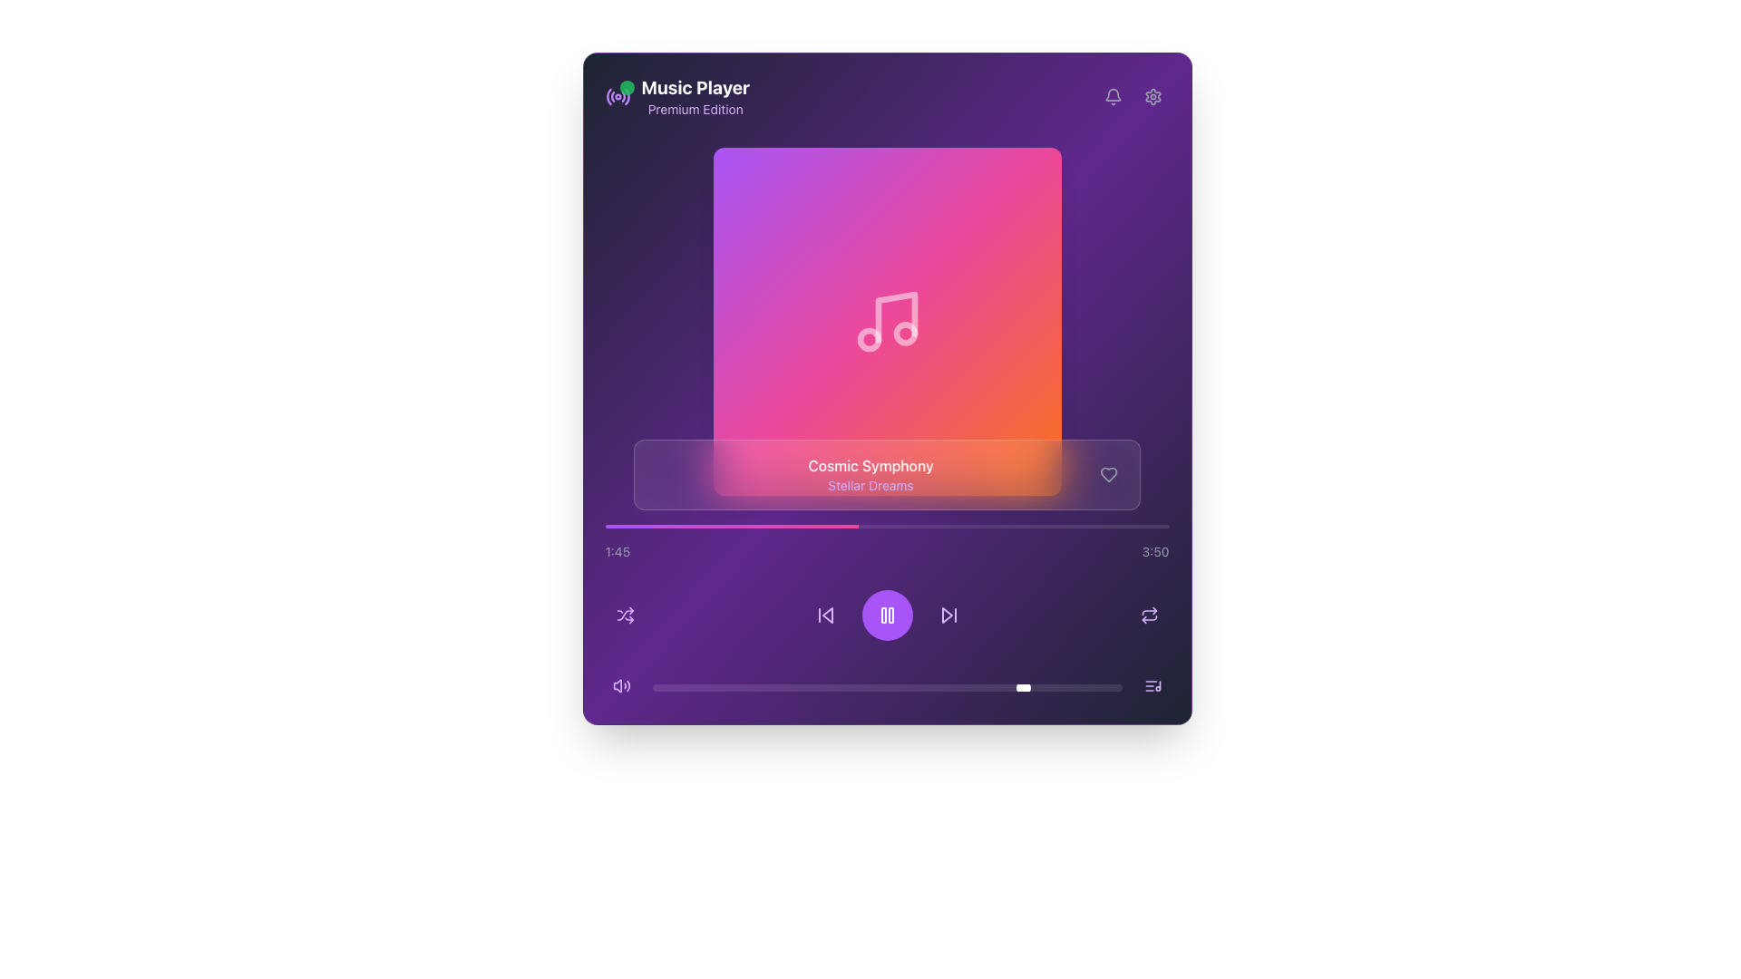  What do you see at coordinates (826, 614) in the screenshot?
I see `the left-pointing triangular icon in the bottom control panel` at bounding box center [826, 614].